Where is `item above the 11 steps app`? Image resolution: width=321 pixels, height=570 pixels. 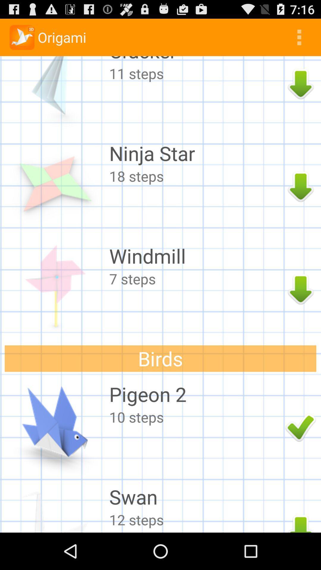
item above the 11 steps app is located at coordinates (196, 60).